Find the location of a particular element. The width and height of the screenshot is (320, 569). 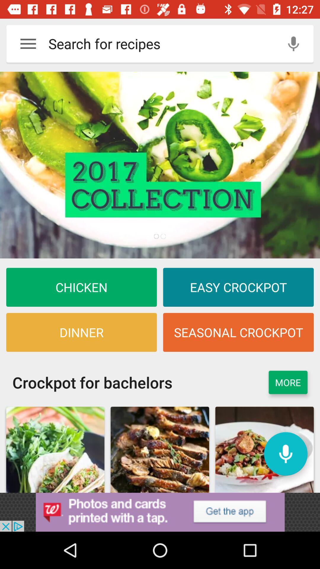

click audio button is located at coordinates (285, 453).